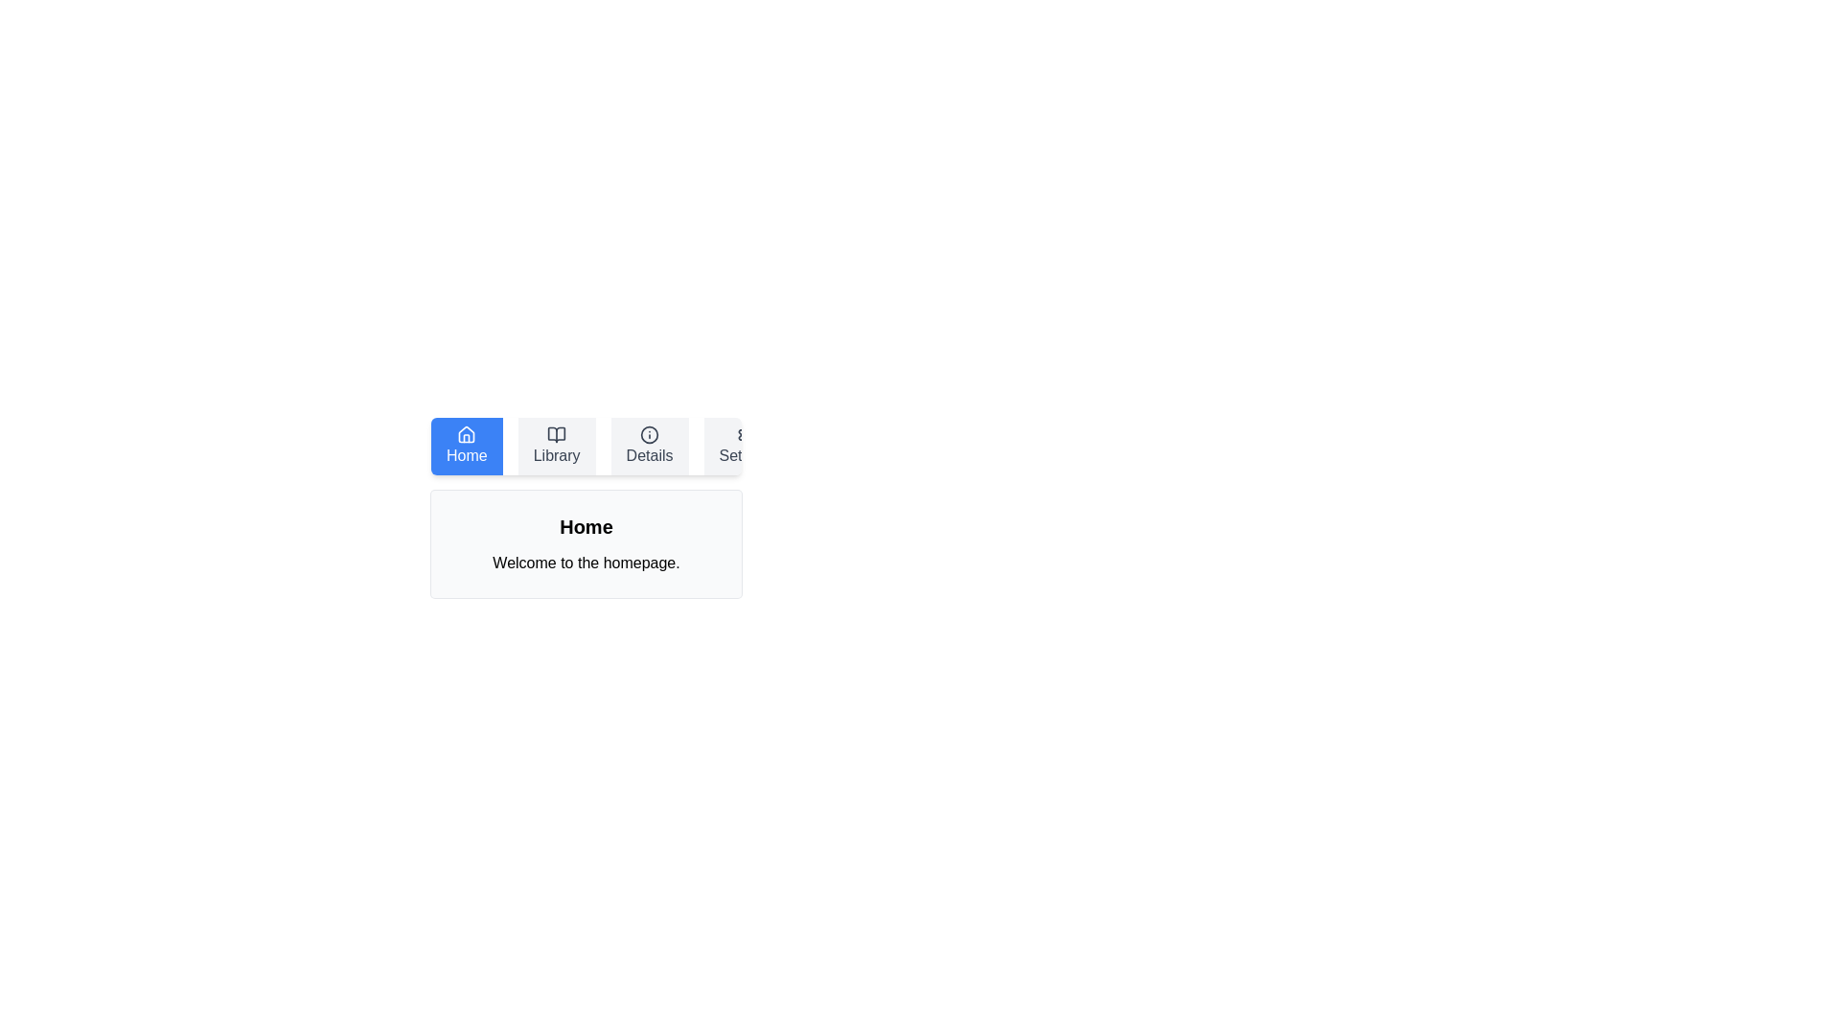 Image resolution: width=1840 pixels, height=1035 pixels. What do you see at coordinates (556, 447) in the screenshot?
I see `the button labeled Library to observe its hover effect` at bounding box center [556, 447].